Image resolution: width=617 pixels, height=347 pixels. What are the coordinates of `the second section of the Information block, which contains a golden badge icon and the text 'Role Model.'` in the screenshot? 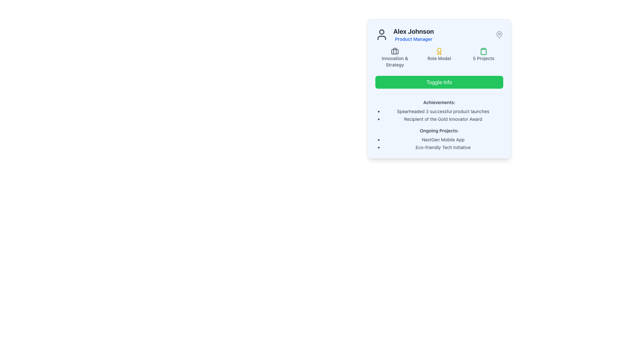 It's located at (439, 58).